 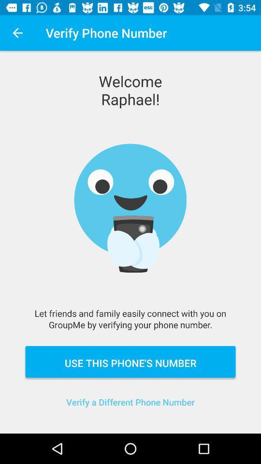 I want to click on the use this phone item, so click(x=130, y=361).